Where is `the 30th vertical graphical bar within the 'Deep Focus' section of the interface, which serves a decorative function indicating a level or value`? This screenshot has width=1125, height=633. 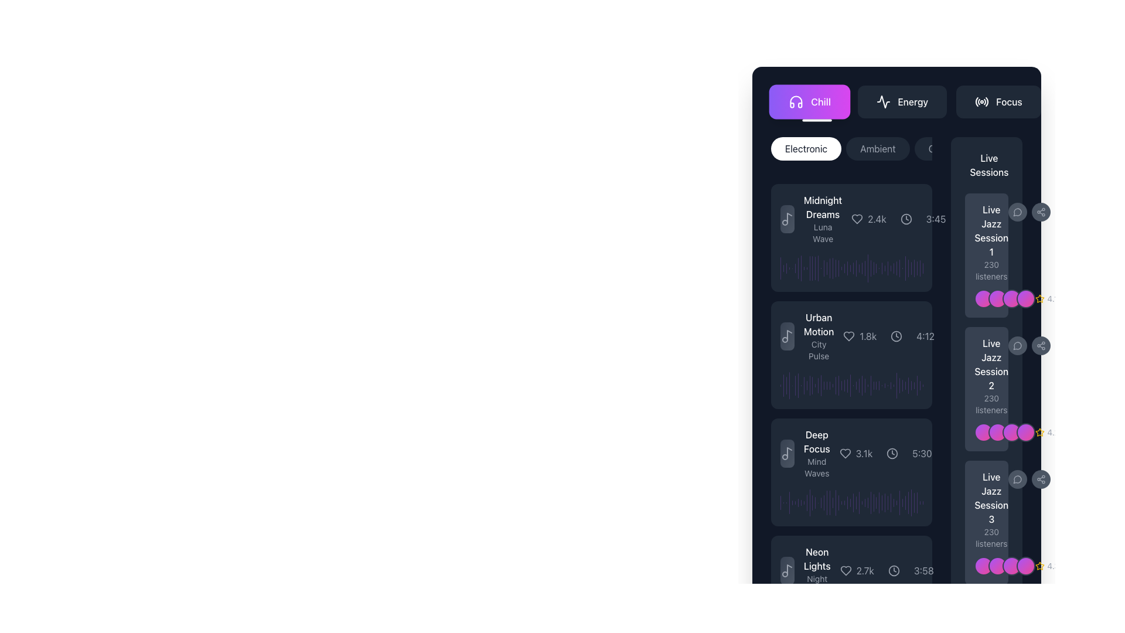 the 30th vertical graphical bar within the 'Deep Focus' section of the interface, which serves a decorative function indicating a level or value is located at coordinates (865, 502).